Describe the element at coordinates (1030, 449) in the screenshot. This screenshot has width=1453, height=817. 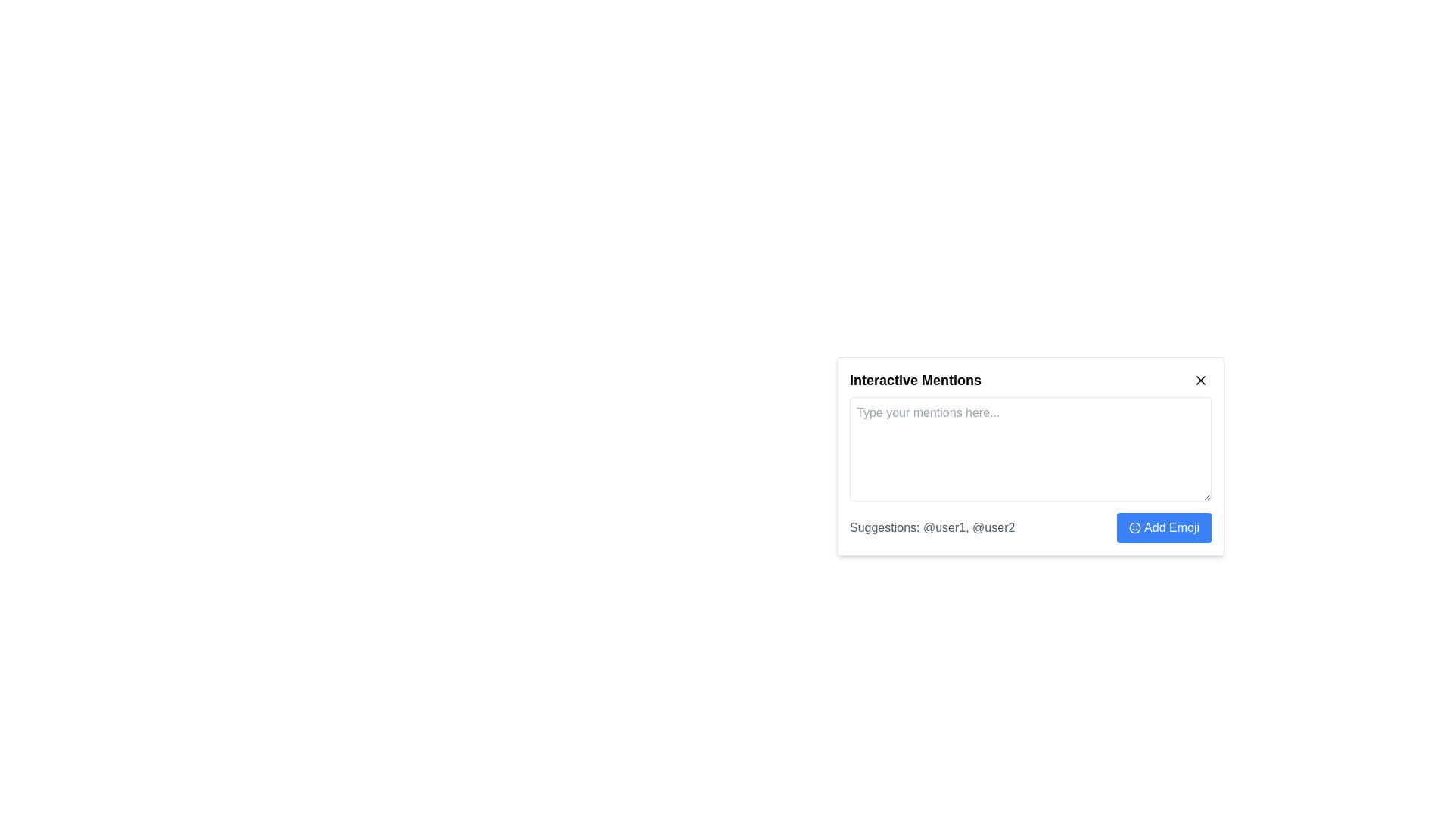
I see `the textarea with a white background and rounded border that has the placeholder 'Type your mentions here...'` at that location.